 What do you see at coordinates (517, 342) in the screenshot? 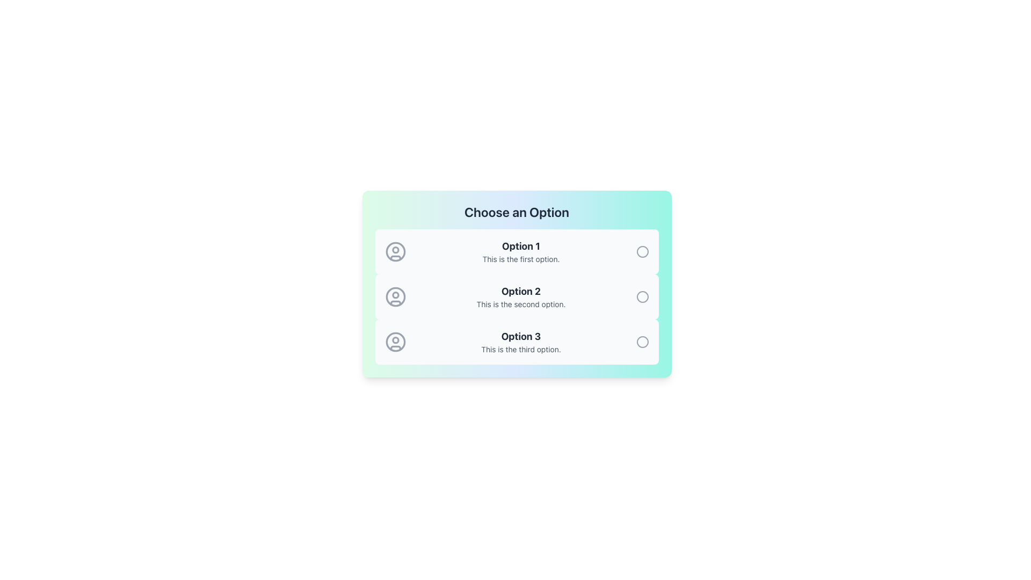
I see `the third selectable option with a radio button in the list` at bounding box center [517, 342].